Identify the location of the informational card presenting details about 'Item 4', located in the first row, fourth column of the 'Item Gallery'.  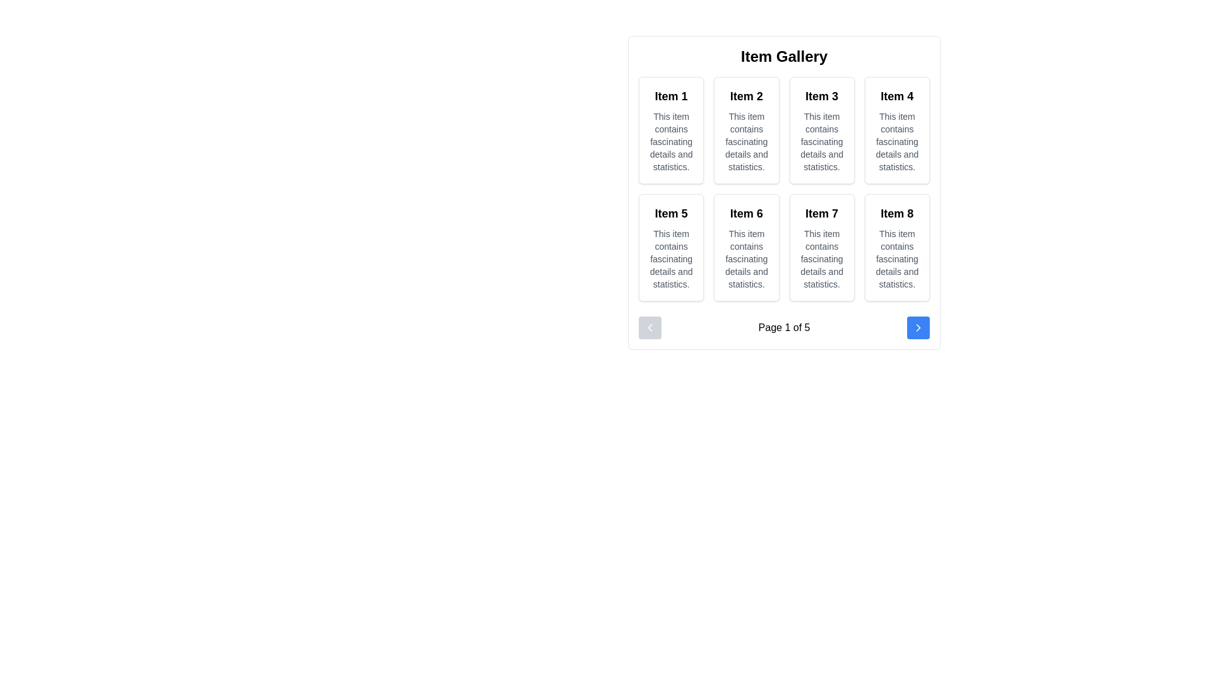
(896, 131).